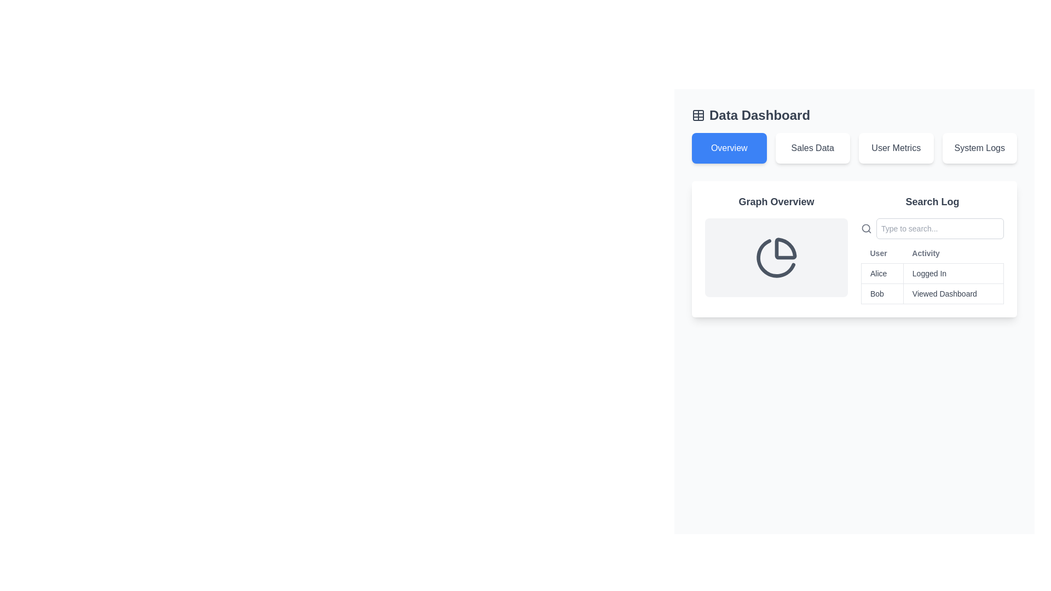 The width and height of the screenshot is (1051, 591). I want to click on the Text Label that serves as the header column label in the 'Search Log' table, providing context about the data listed in the left column, so click(882, 253).